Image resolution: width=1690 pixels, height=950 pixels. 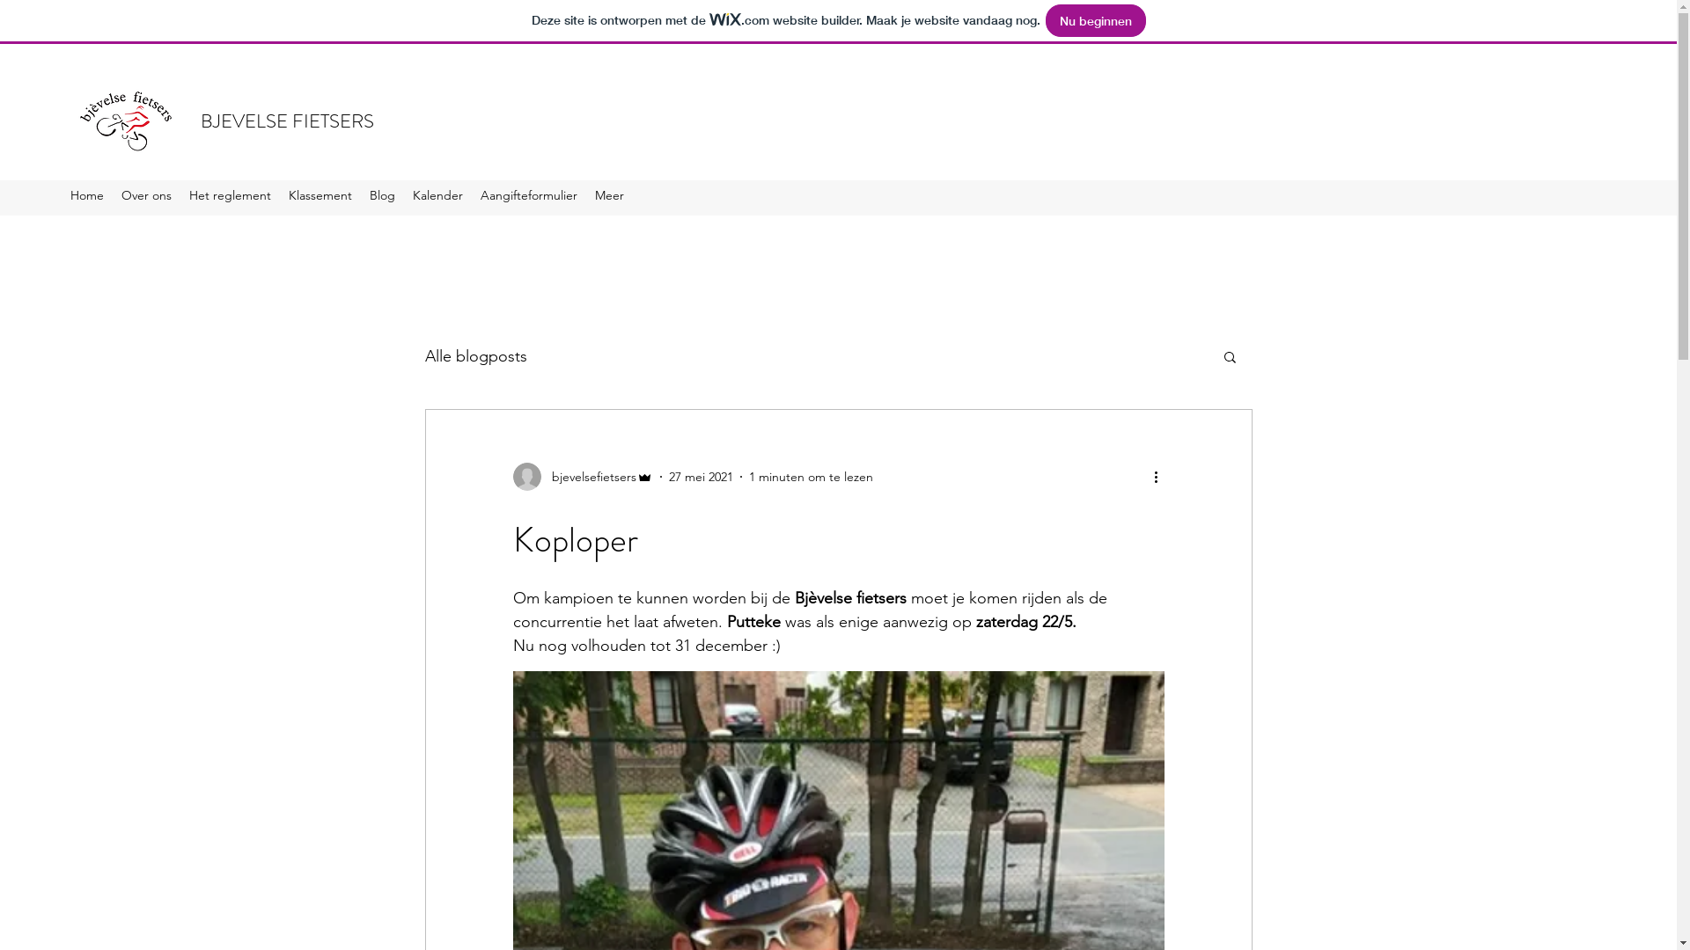 What do you see at coordinates (229, 197) in the screenshot?
I see `'Het reglement'` at bounding box center [229, 197].